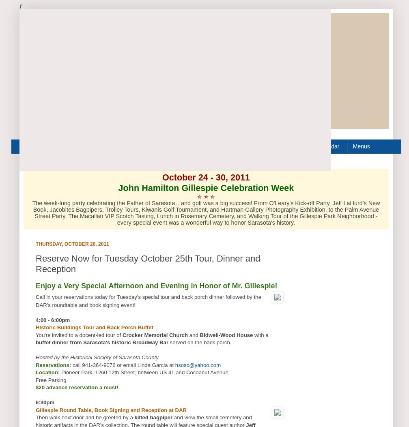  What do you see at coordinates (94, 146) in the screenshot?
I see `'Books'` at bounding box center [94, 146].